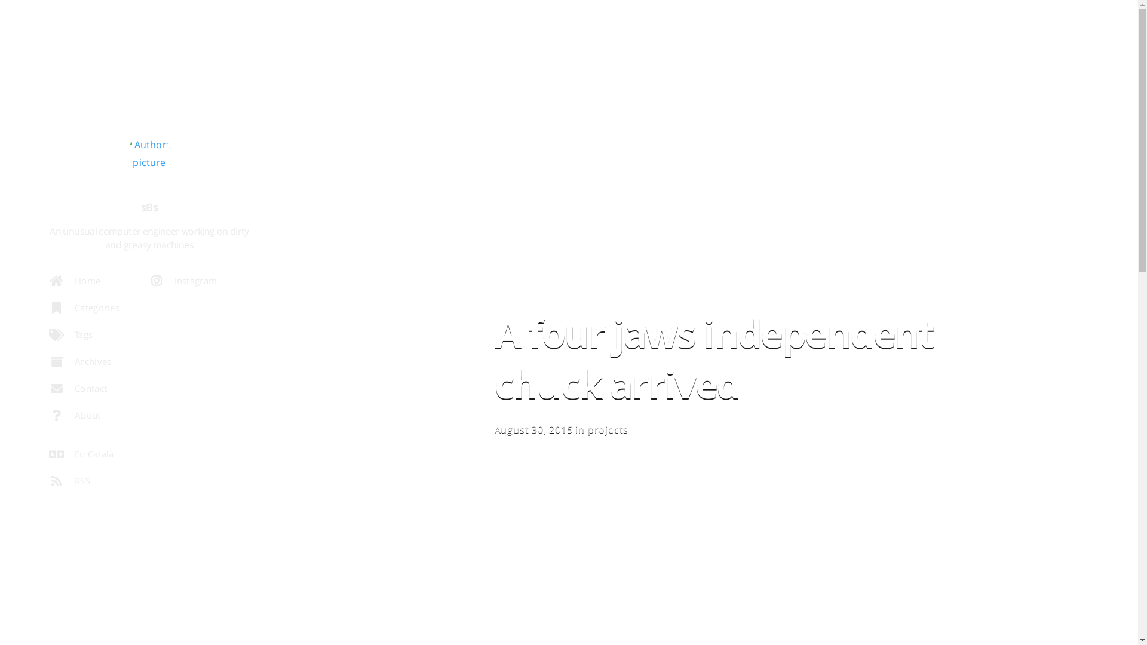 The height and width of the screenshot is (645, 1147). I want to click on 'Instagram', so click(191, 284).